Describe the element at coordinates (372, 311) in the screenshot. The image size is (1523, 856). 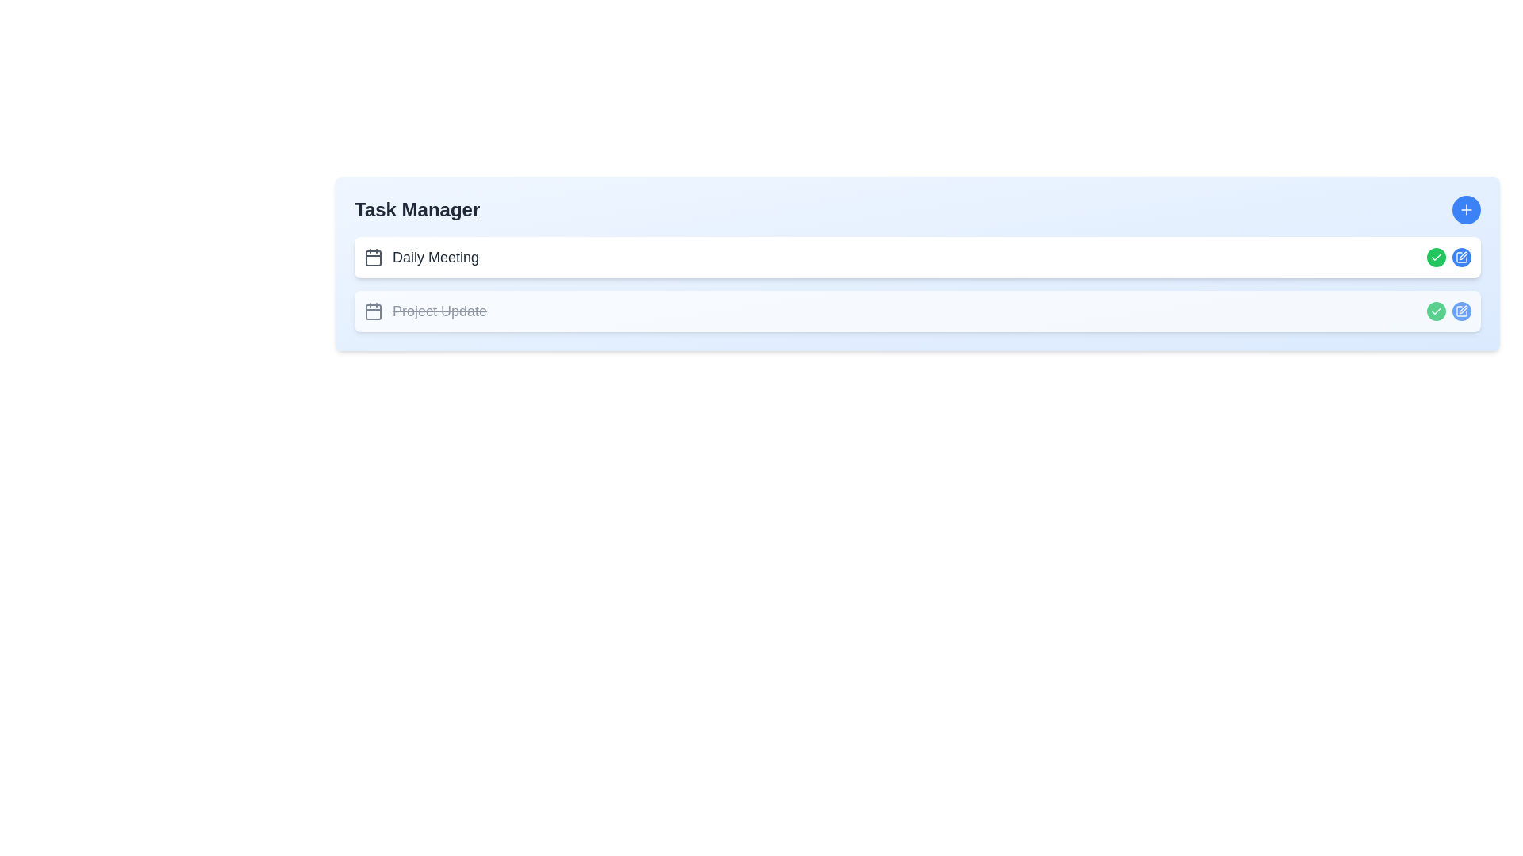
I see `the calendar icon located to the left of the 'Project Update' text to trigger additional functionality` at that location.